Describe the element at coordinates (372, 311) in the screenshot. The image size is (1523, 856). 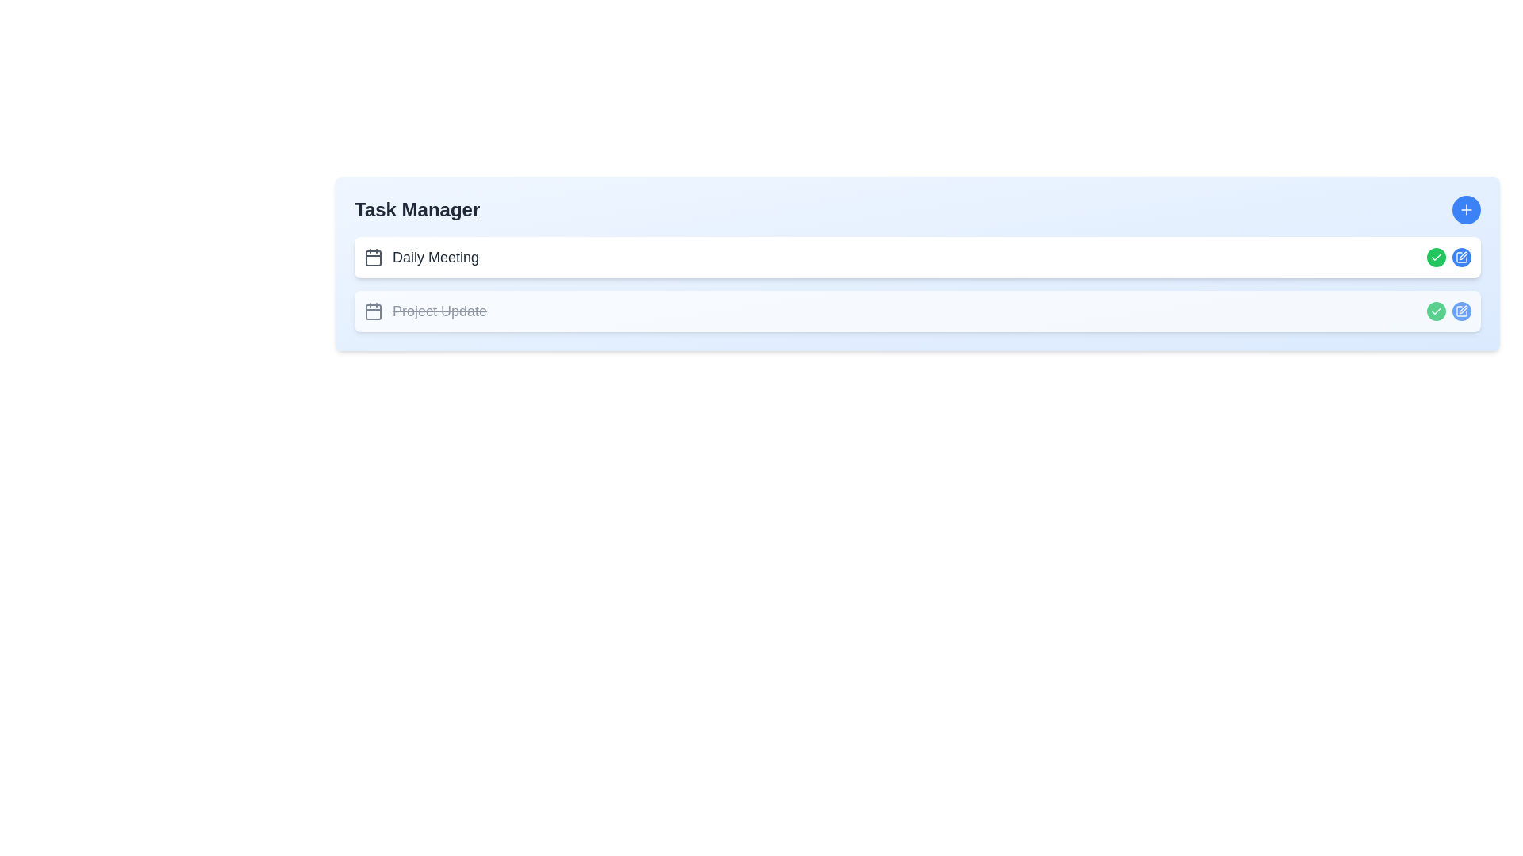
I see `the calendar icon located to the left of the 'Project Update' text to trigger additional functionality` at that location.